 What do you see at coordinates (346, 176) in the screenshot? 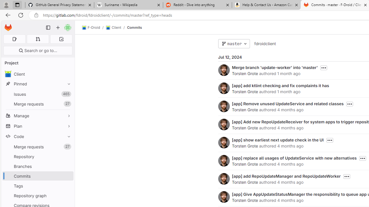
I see `'Class: s16 gl-icon gl-button-icon '` at bounding box center [346, 176].